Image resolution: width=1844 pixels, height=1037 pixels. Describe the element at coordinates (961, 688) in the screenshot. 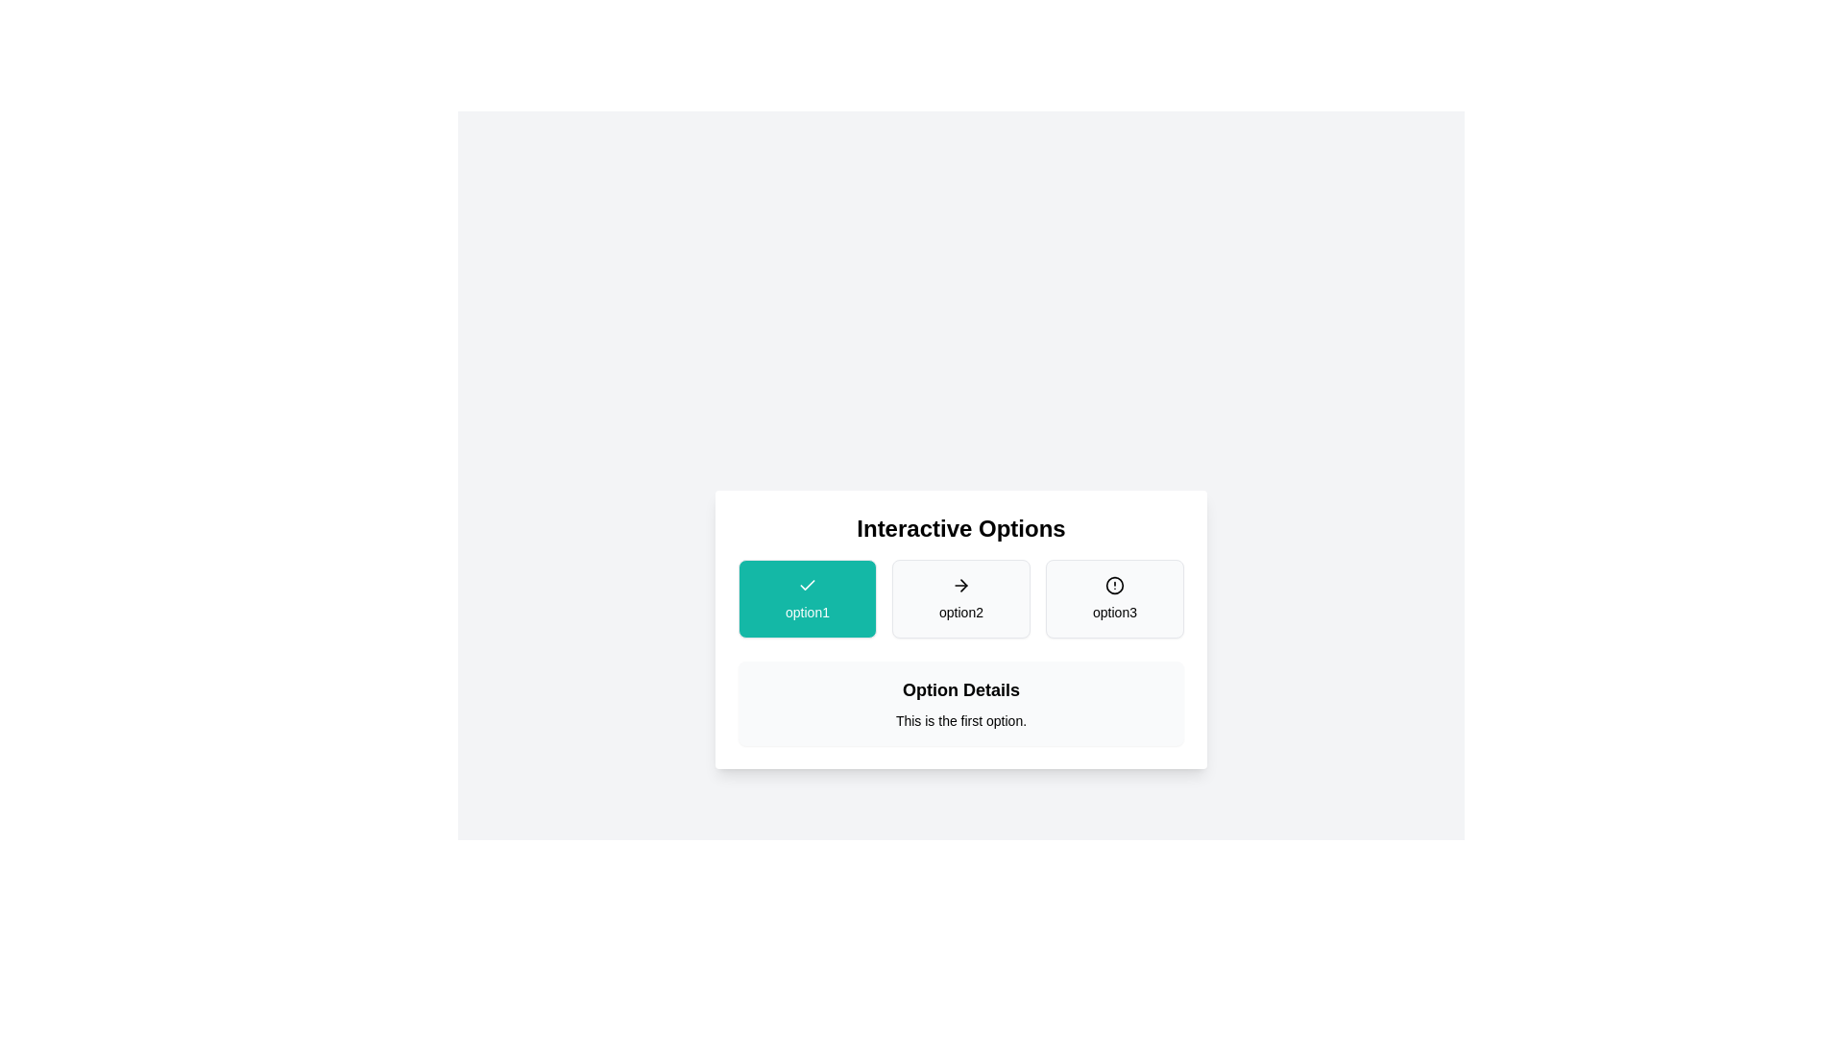

I see `the text label or heading that serves as a title for the first option, positioned above the sibling text 'This is the first option.'` at that location.